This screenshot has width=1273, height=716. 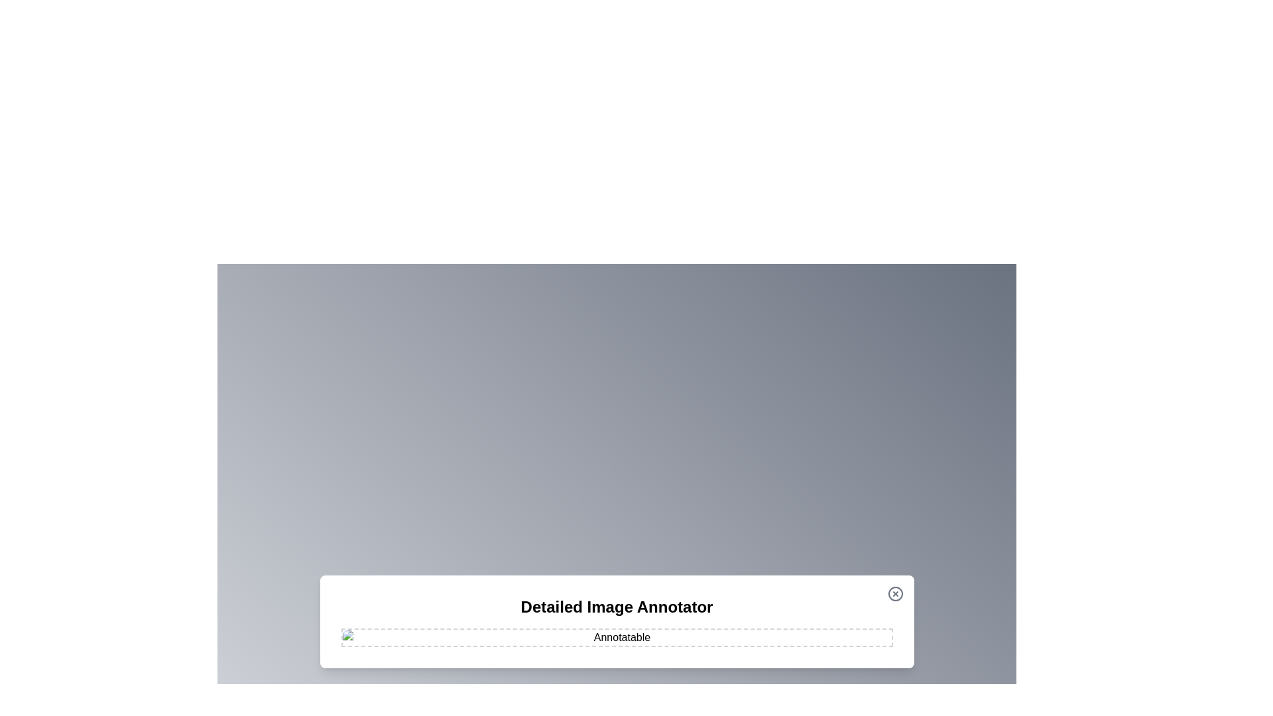 What do you see at coordinates (827, 644) in the screenshot?
I see `the image at coordinates (1249, 973) to add an annotation` at bounding box center [827, 644].